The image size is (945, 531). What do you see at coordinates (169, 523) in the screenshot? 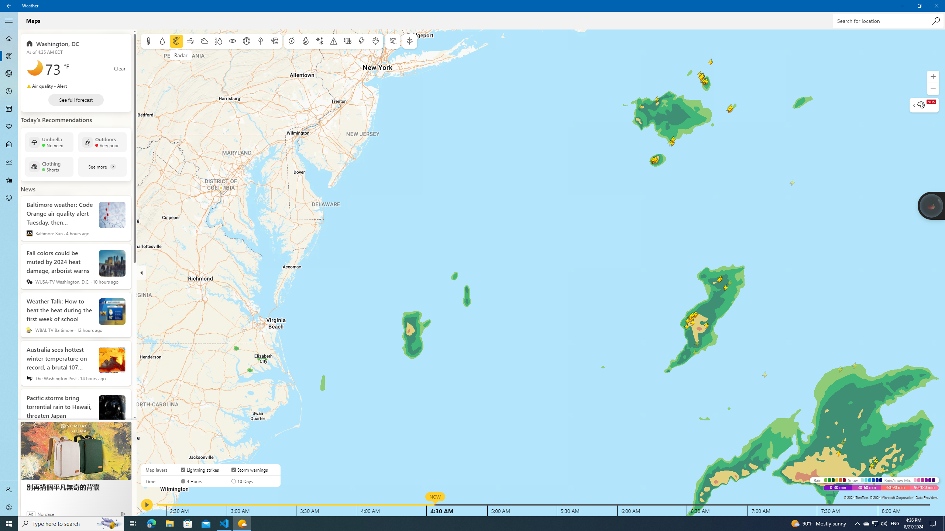
I see `'File Explorer'` at bounding box center [169, 523].